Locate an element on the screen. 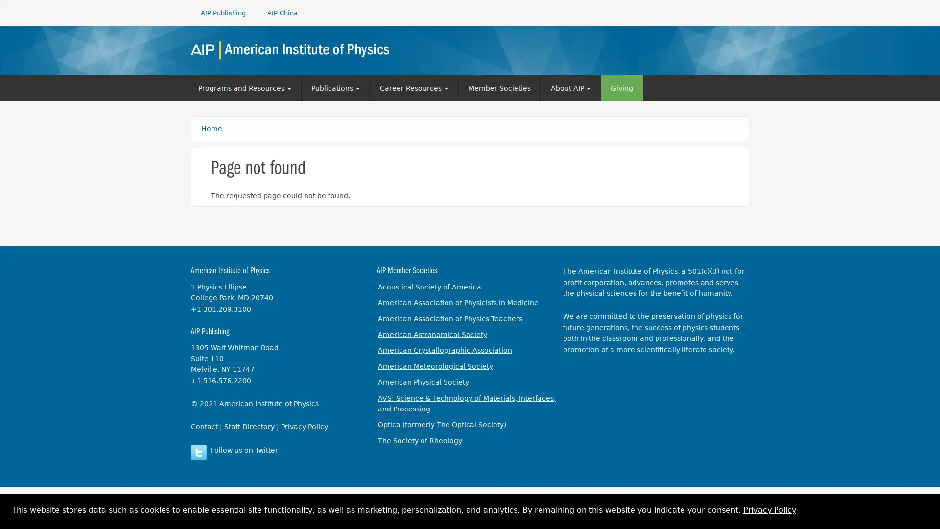 The height and width of the screenshot is (529, 940). search is located at coordinates (735, 49).